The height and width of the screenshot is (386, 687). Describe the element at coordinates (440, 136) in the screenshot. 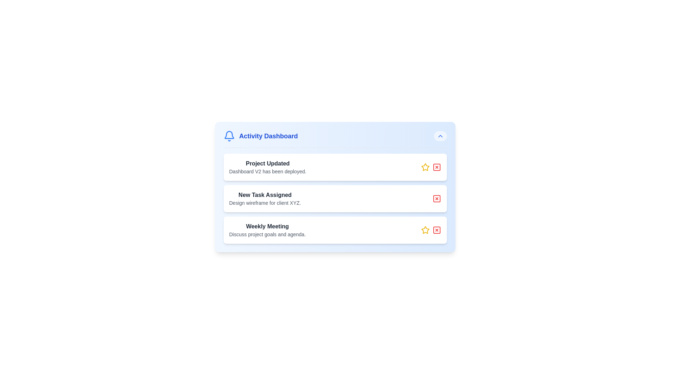

I see `the upward-facing icon located at the top-right corner of the 'Activity Dashboard' section` at that location.